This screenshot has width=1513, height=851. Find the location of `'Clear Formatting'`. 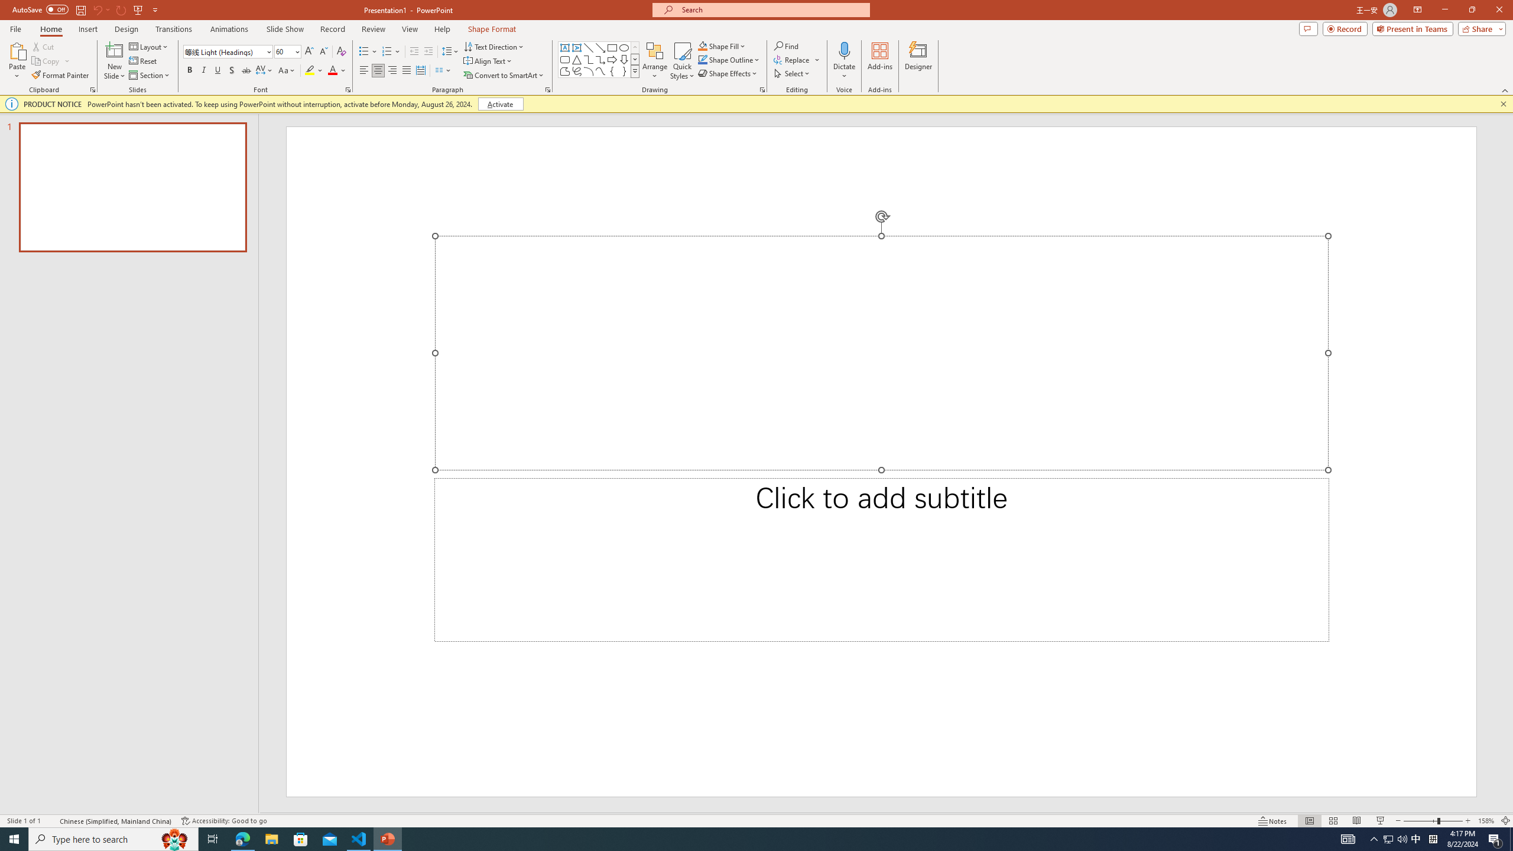

'Clear Formatting' is located at coordinates (340, 51).